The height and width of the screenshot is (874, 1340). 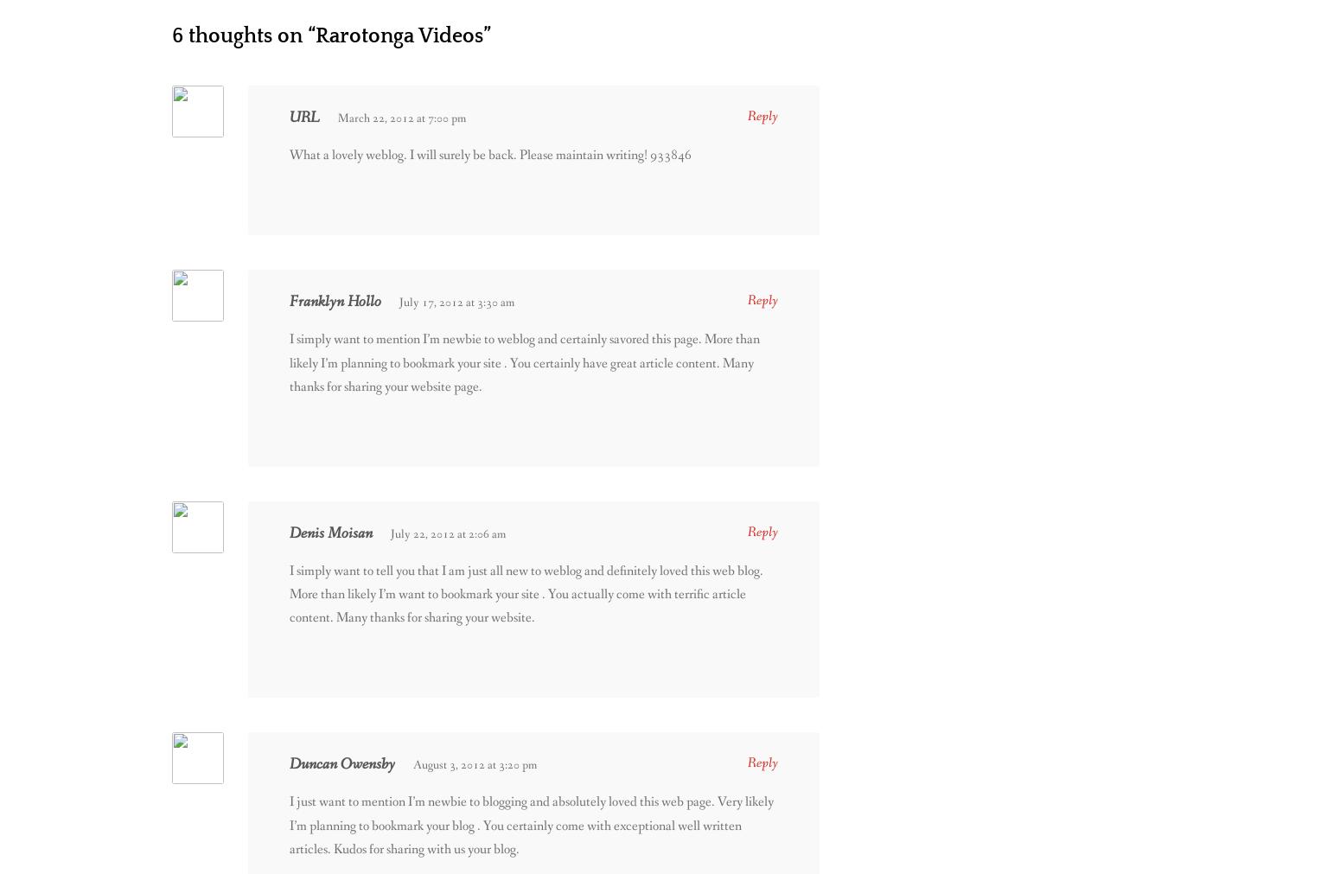 I want to click on 'Rarotonga Videos', so click(x=399, y=35).